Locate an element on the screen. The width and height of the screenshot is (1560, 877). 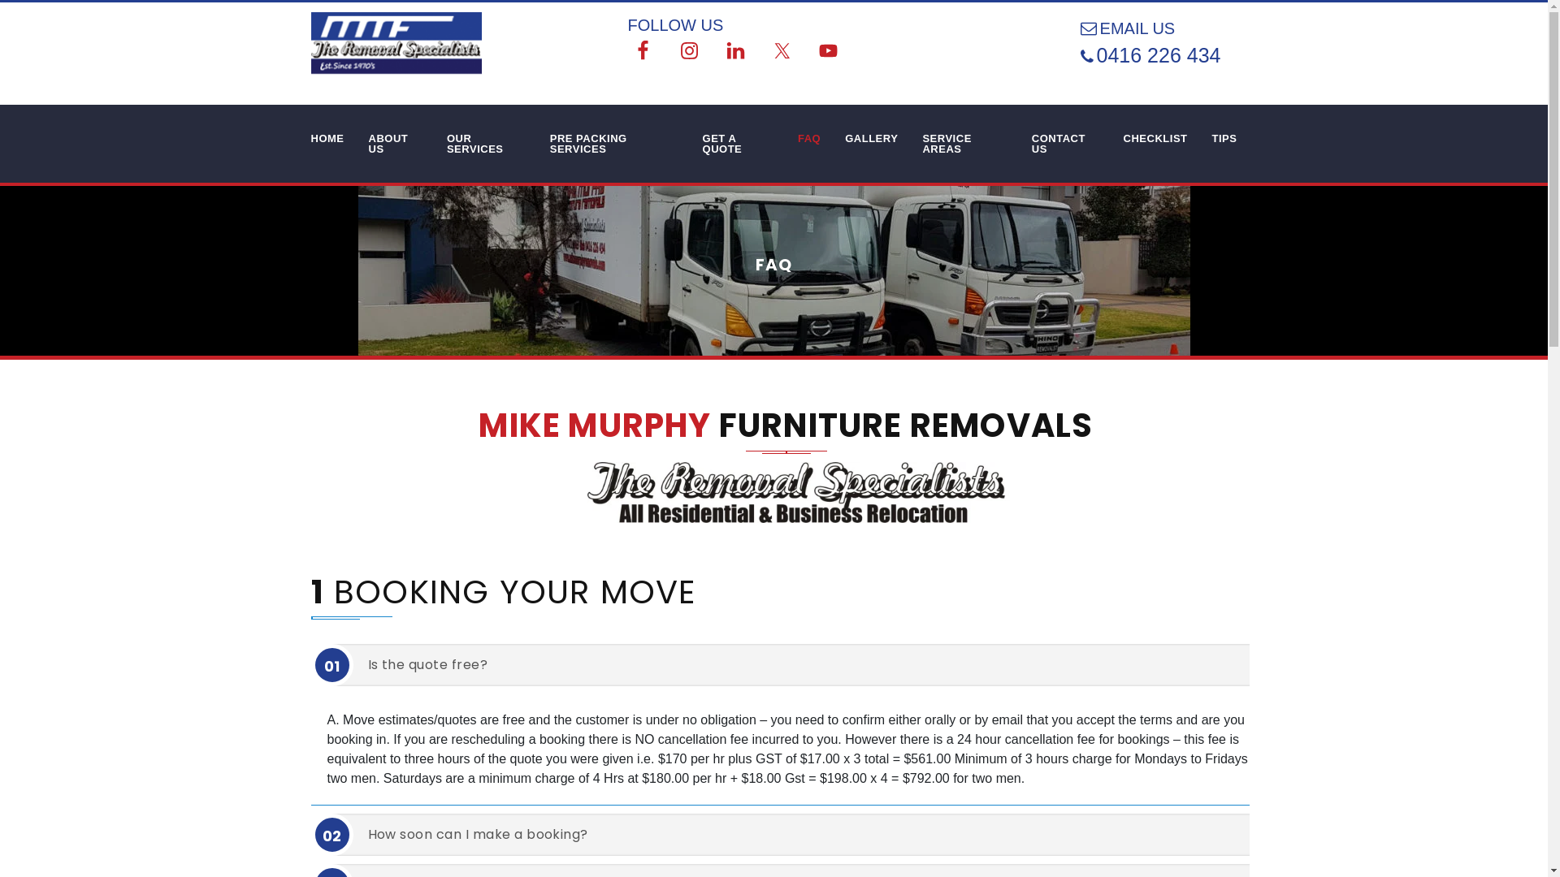
'HOME' is located at coordinates (299, 137).